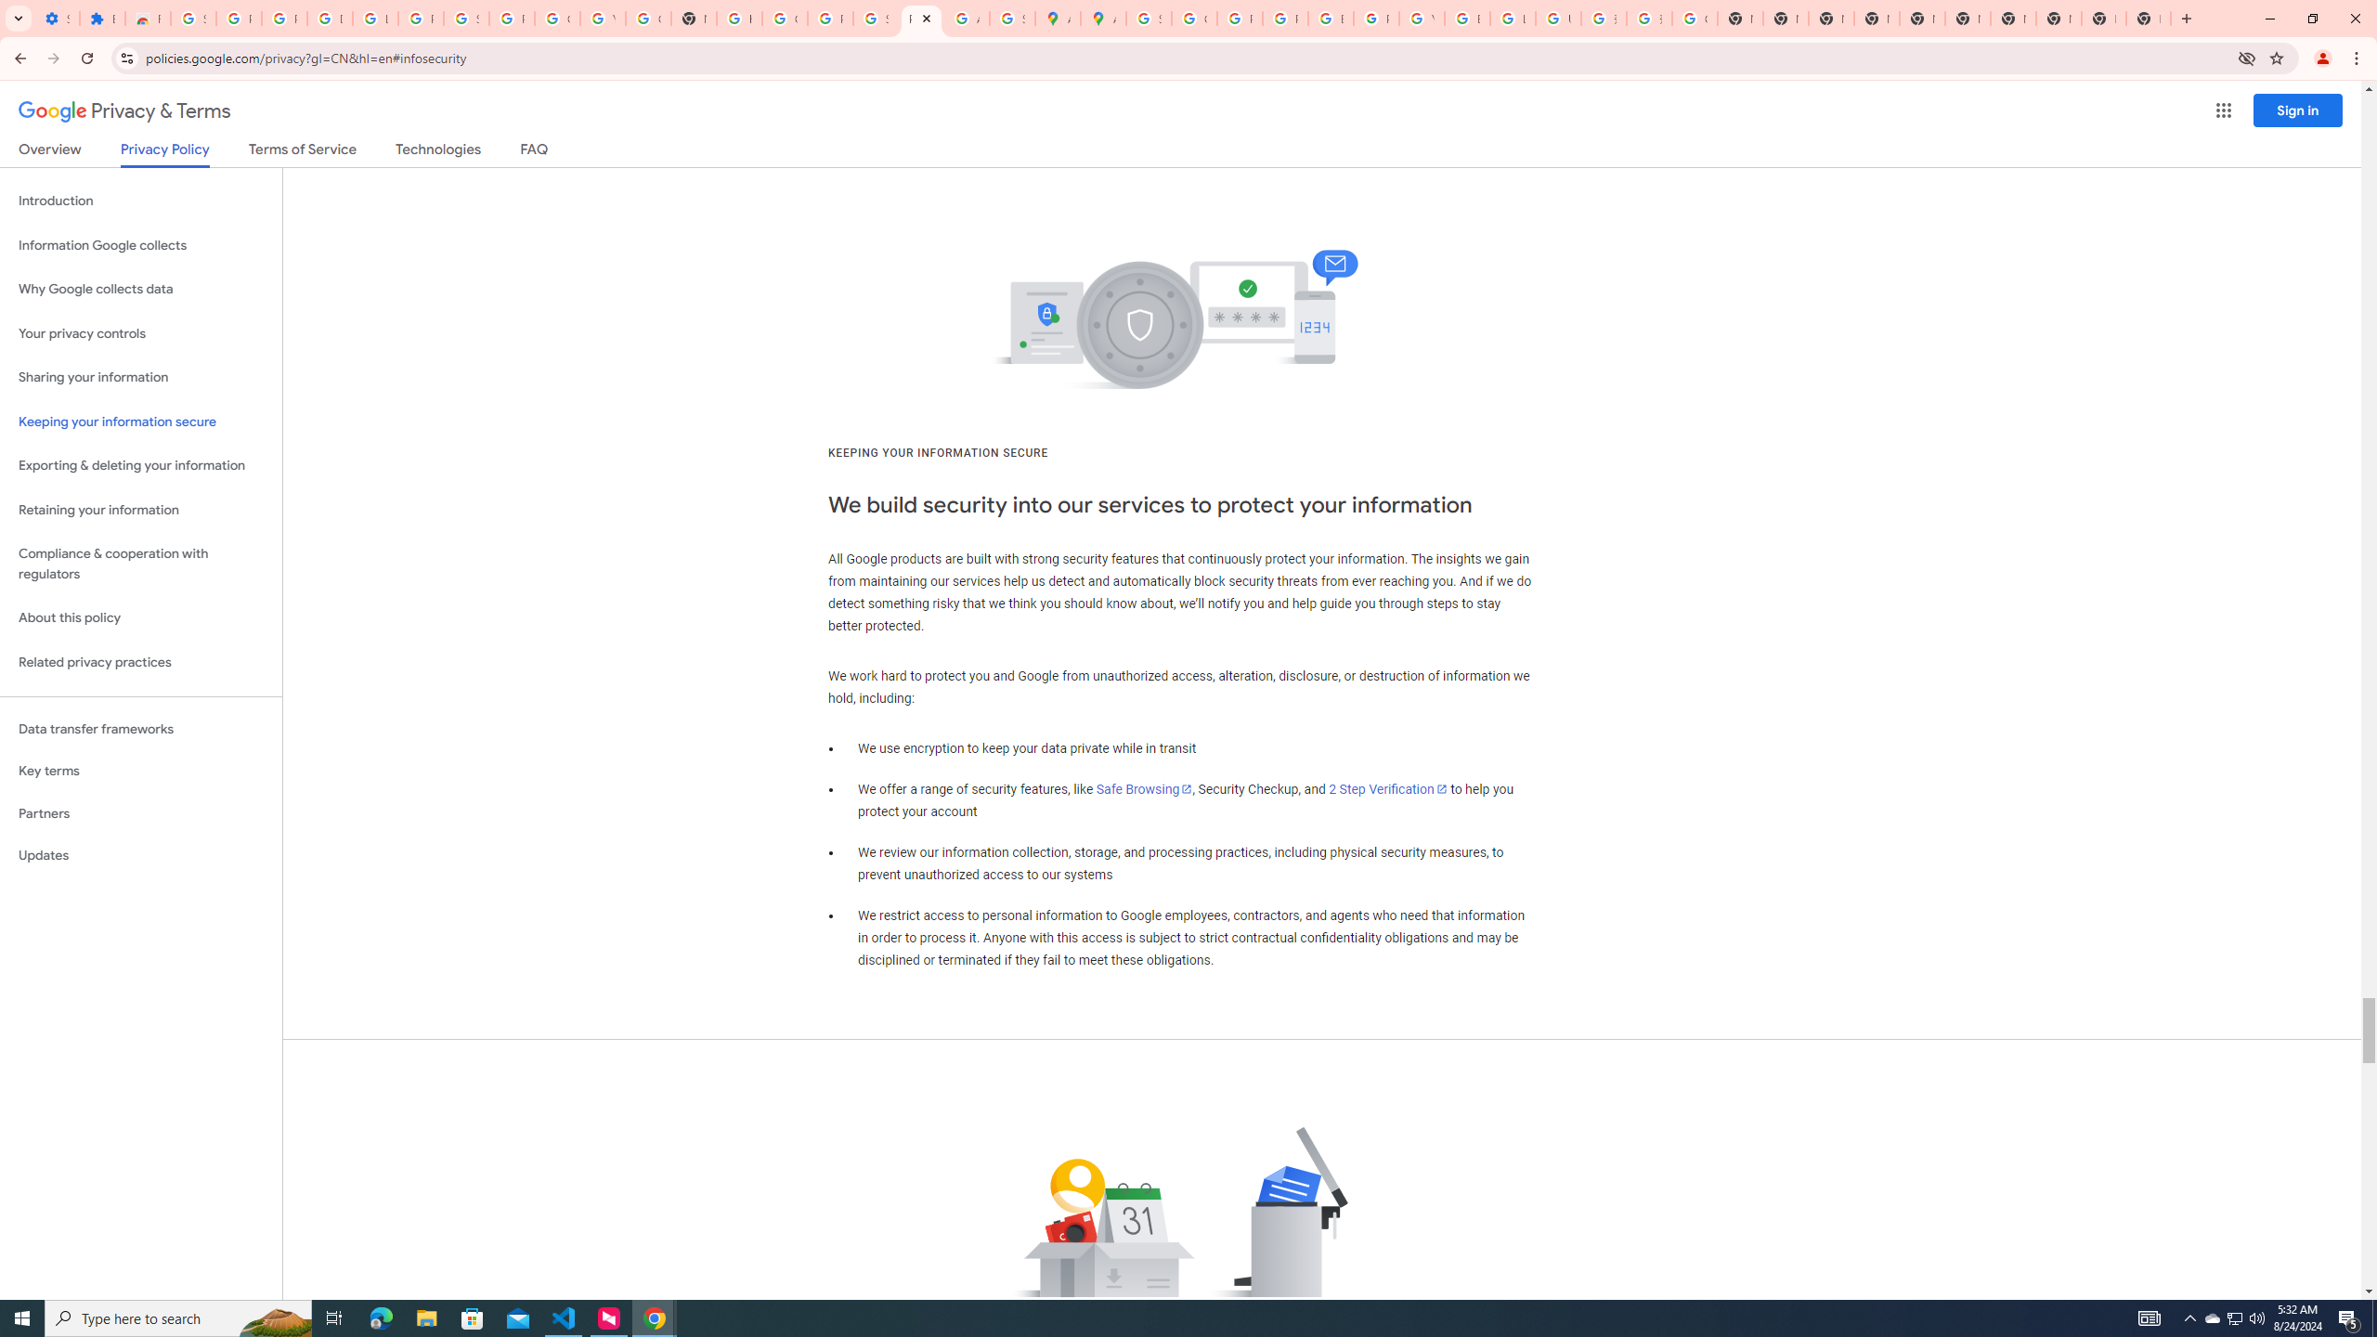  I want to click on 'Safe Browsing', so click(1143, 789).